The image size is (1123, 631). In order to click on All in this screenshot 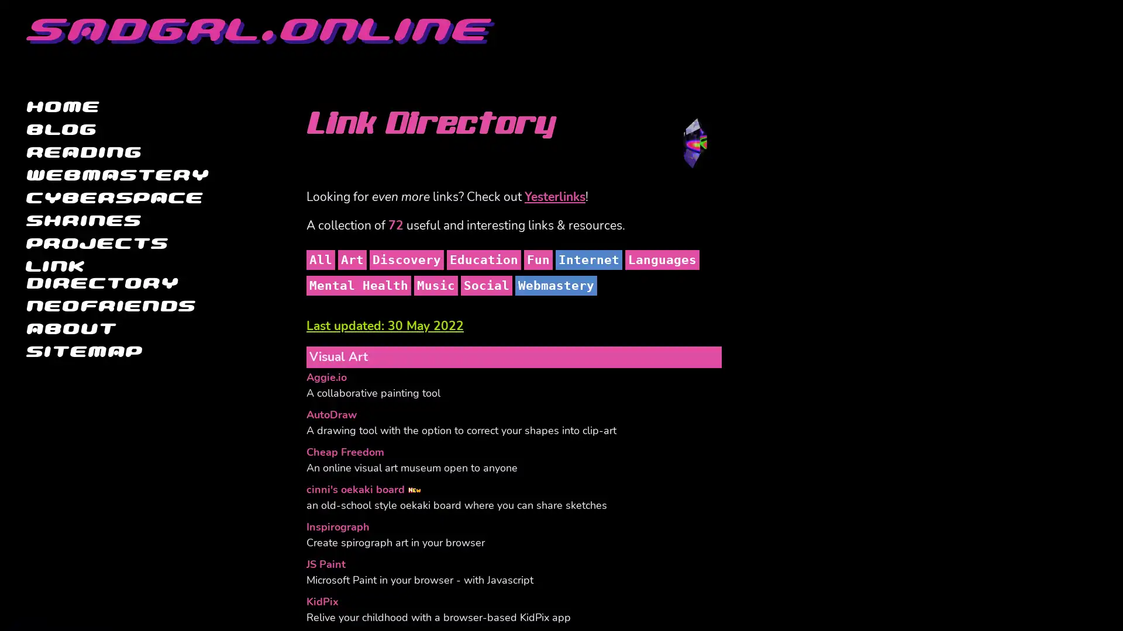, I will do `click(321, 258)`.